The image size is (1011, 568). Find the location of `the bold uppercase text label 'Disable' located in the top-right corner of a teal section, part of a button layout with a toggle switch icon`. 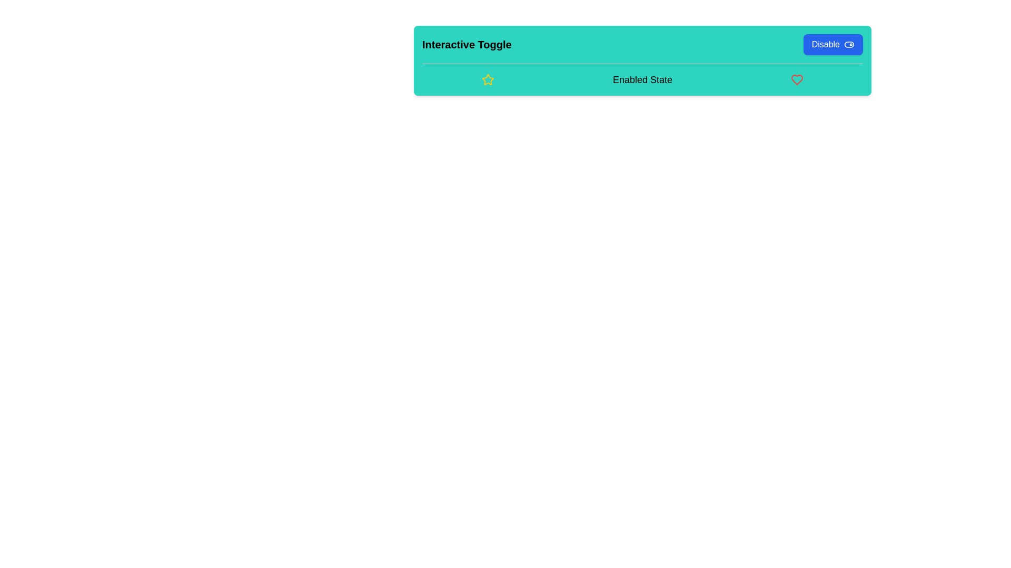

the bold uppercase text label 'Disable' located in the top-right corner of a teal section, part of a button layout with a toggle switch icon is located at coordinates (825, 44).